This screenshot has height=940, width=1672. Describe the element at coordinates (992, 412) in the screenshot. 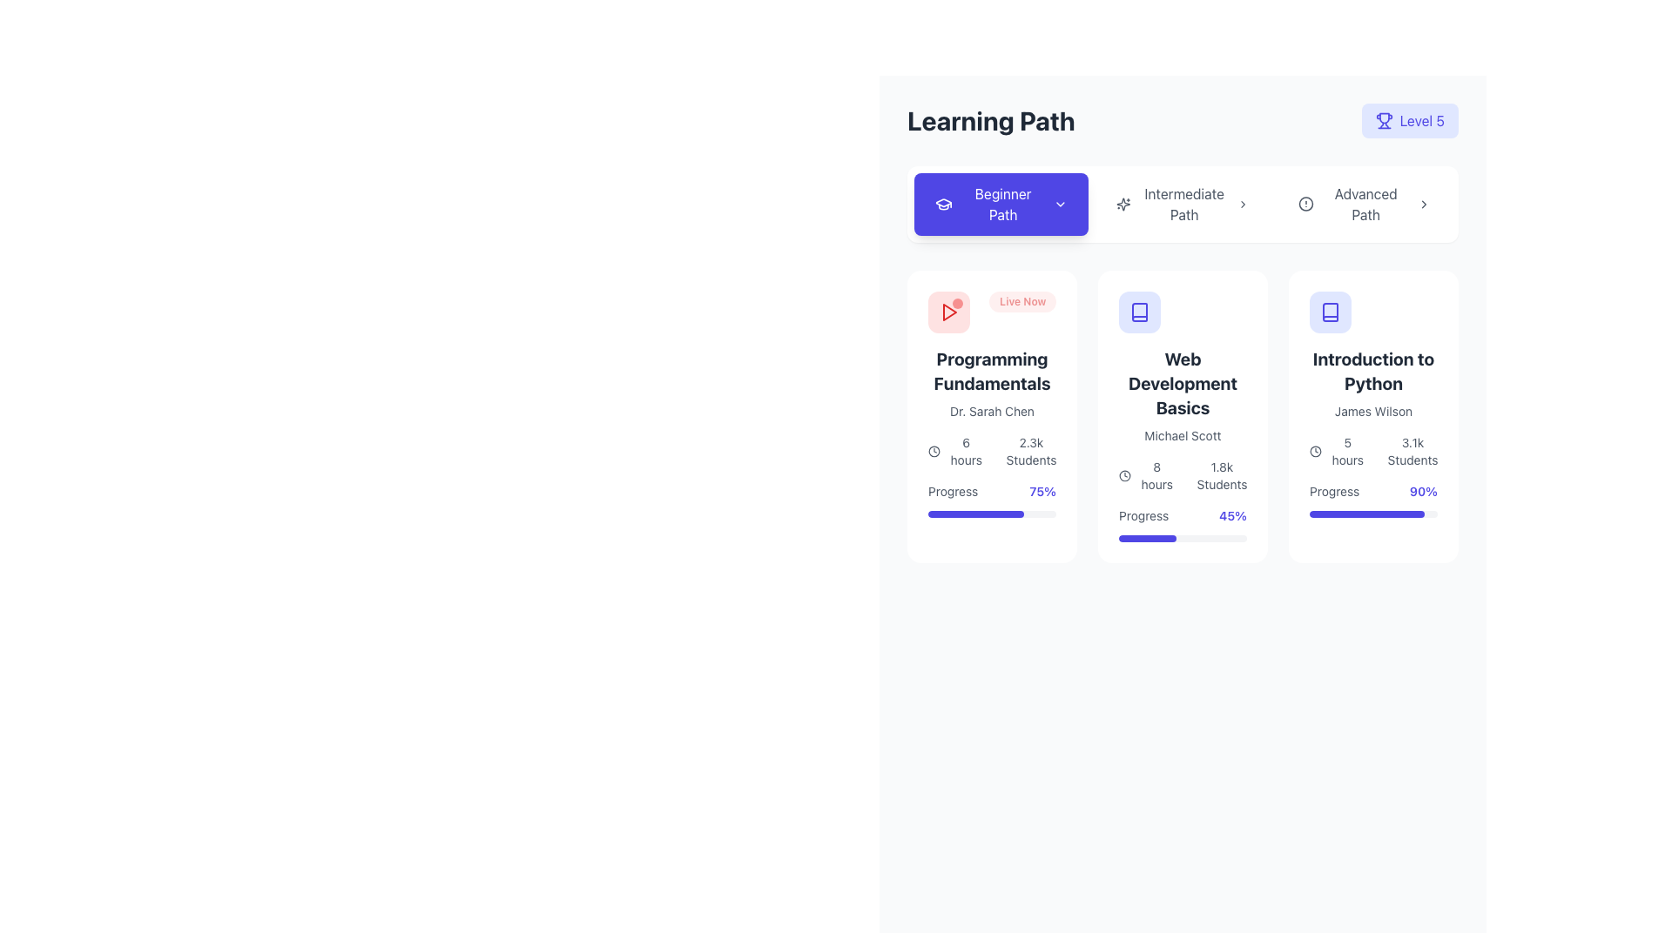

I see `the static text label that identifies the instructor of the course 'Programming Fundamentals', located beneath the course title in the first card of a three-card layout` at that location.